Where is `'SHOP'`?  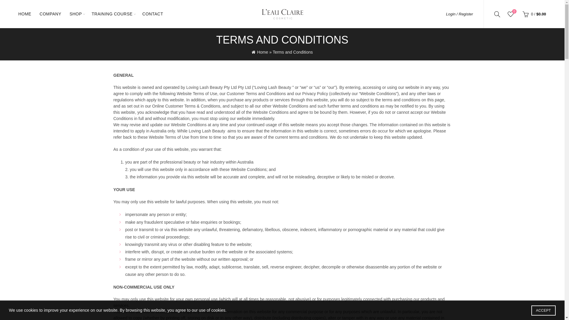 'SHOP' is located at coordinates (75, 14).